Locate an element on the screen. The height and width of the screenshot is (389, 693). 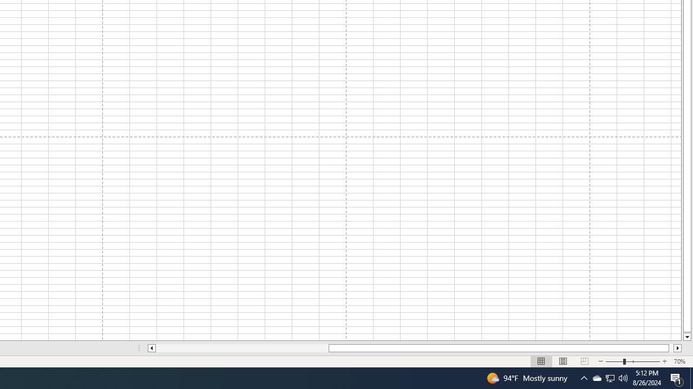
'Line down' is located at coordinates (687, 337).